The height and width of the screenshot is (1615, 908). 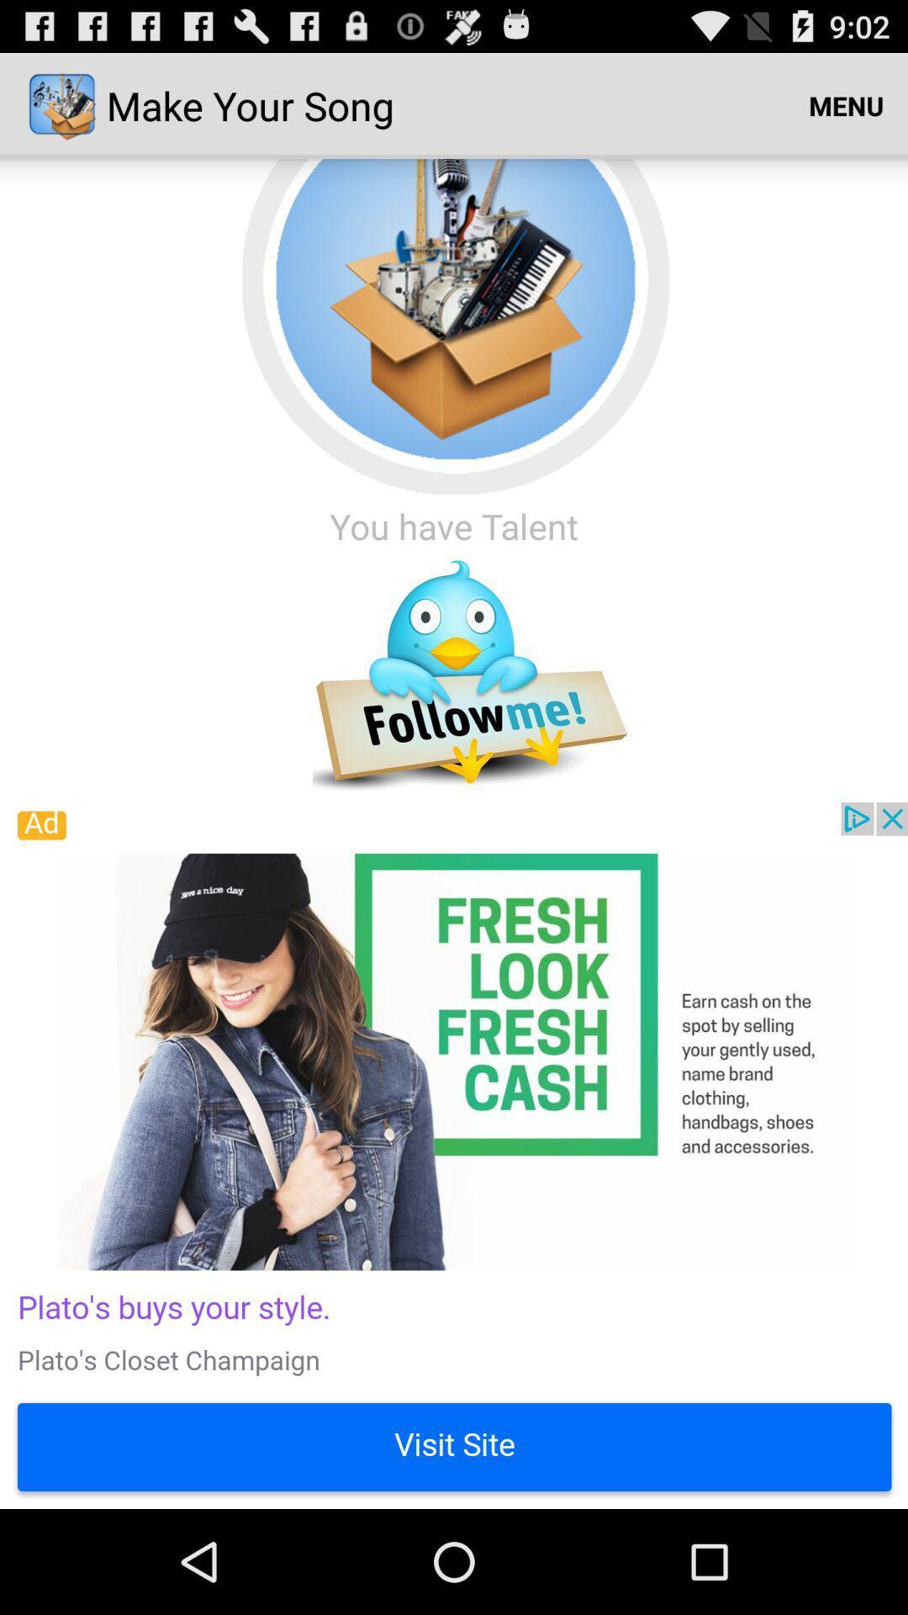 I want to click on follow their account button, so click(x=454, y=676).